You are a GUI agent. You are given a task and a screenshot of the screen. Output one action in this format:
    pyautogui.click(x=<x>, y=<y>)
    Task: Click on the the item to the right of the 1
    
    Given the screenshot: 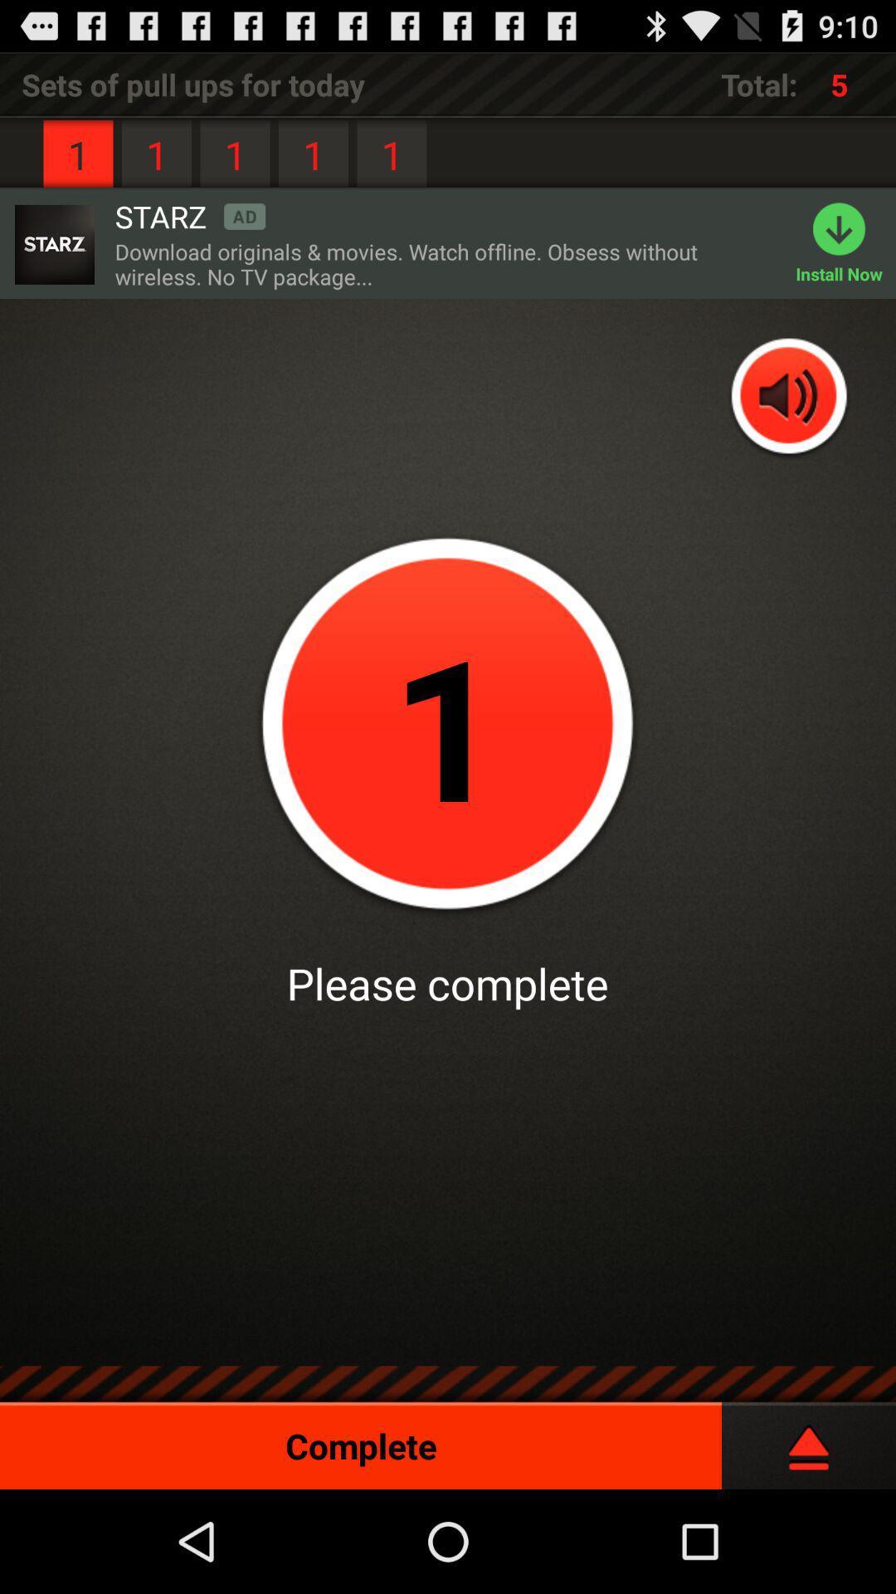 What is the action you would take?
    pyautogui.click(x=189, y=215)
    